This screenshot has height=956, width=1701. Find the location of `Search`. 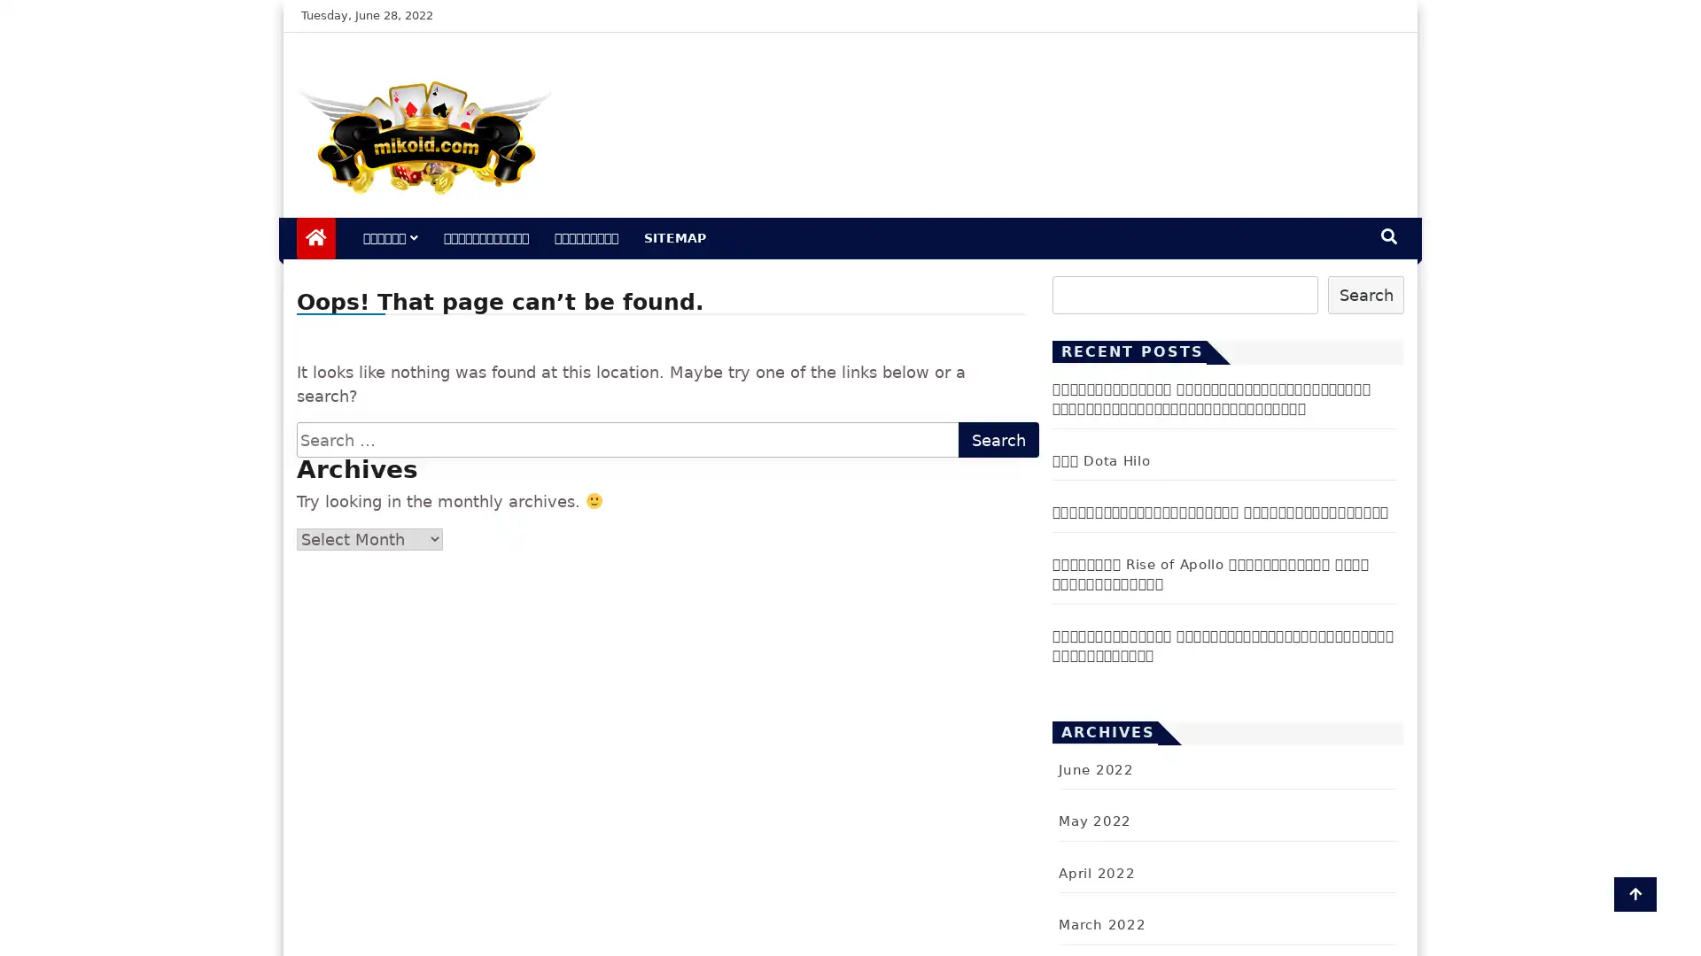

Search is located at coordinates (998, 439).